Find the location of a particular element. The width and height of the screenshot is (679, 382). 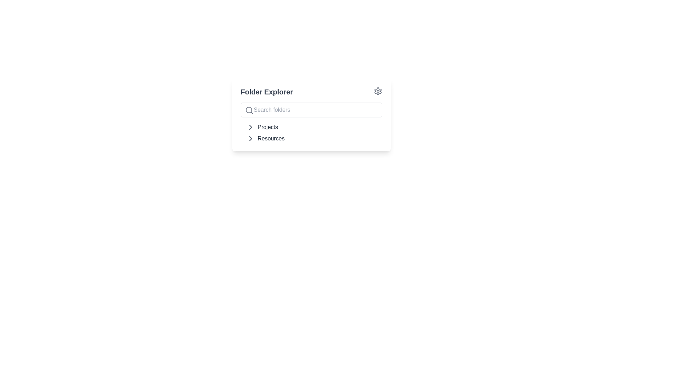

the gear/settings icon located at the top-right corner of the 'Folder Explorer' card, which allows users is located at coordinates (377, 91).